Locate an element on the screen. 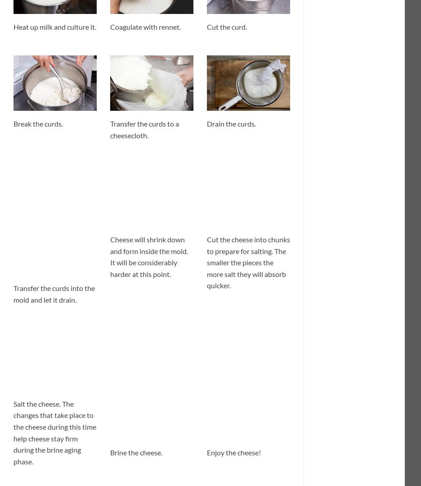 Image resolution: width=421 pixels, height=486 pixels. 'Cut the curd.' is located at coordinates (226, 26).